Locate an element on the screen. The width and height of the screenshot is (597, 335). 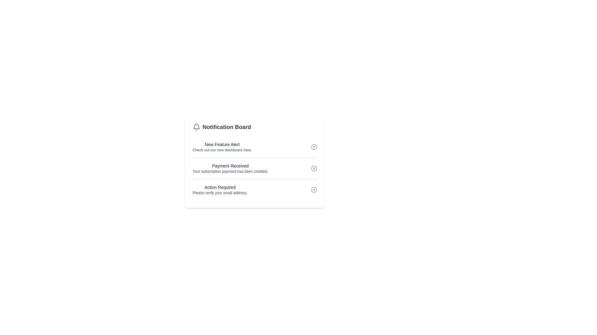
the header text located at the top left corner of the notification section, adjacent to the bell icon is located at coordinates (222, 127).